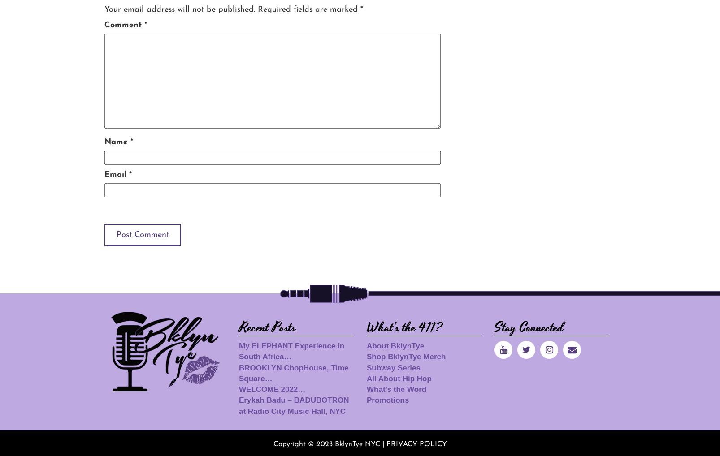 The image size is (720, 456). I want to click on 'Shop BklynTye Merch', so click(406, 357).